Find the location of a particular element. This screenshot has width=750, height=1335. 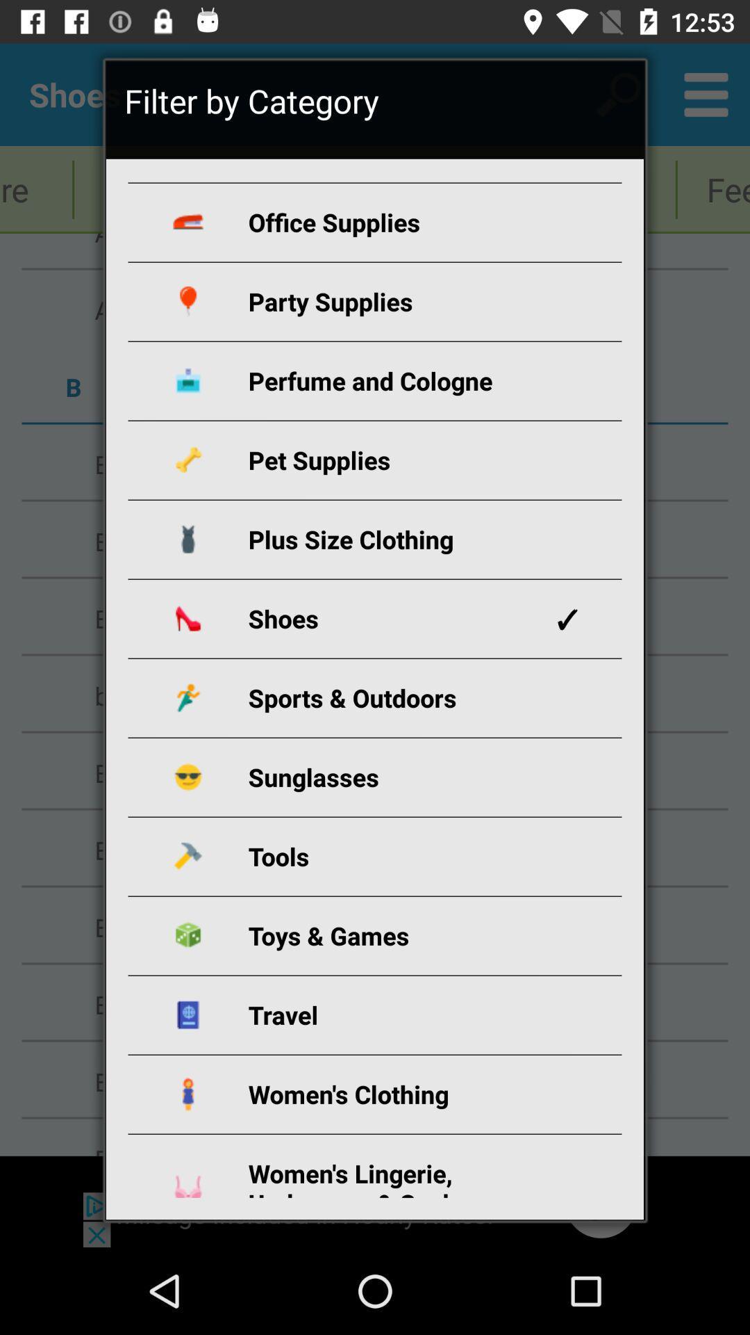

the icon below sports & outdoors icon is located at coordinates (391, 776).